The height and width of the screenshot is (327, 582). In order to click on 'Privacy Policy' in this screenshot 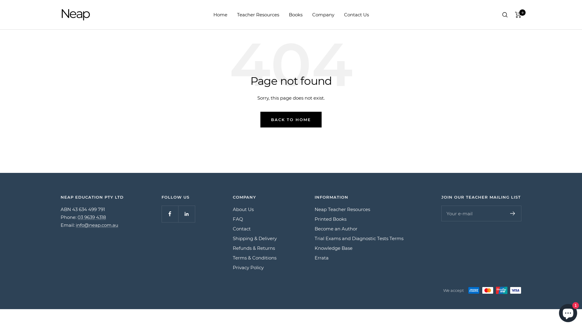, I will do `click(248, 267)`.